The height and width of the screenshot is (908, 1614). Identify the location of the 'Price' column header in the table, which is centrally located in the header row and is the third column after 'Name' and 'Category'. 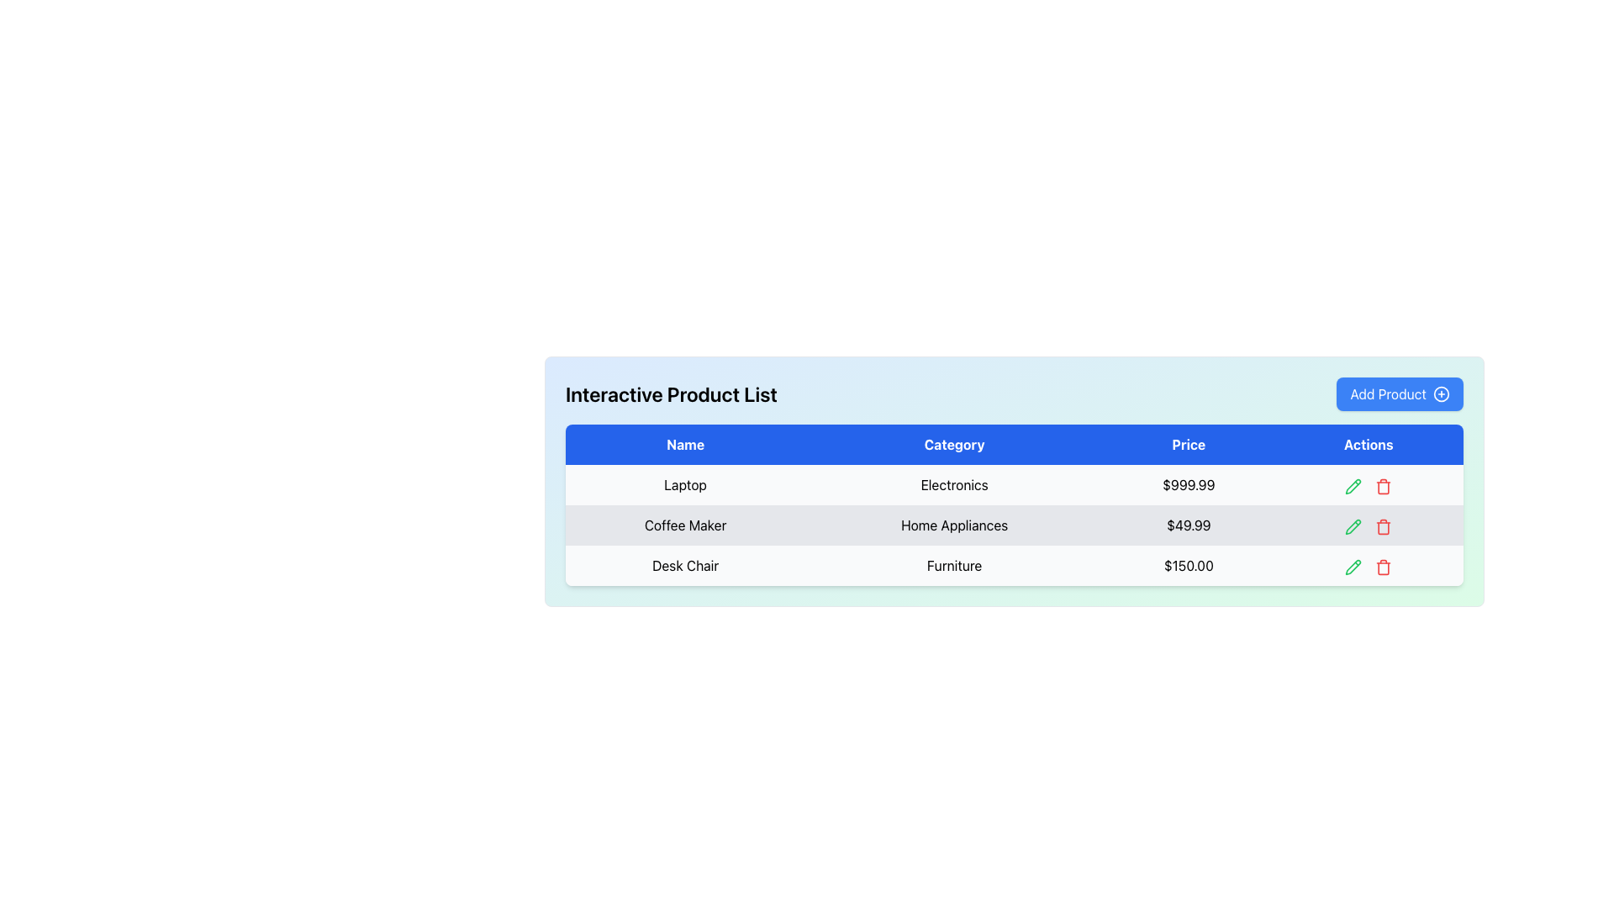
(1188, 443).